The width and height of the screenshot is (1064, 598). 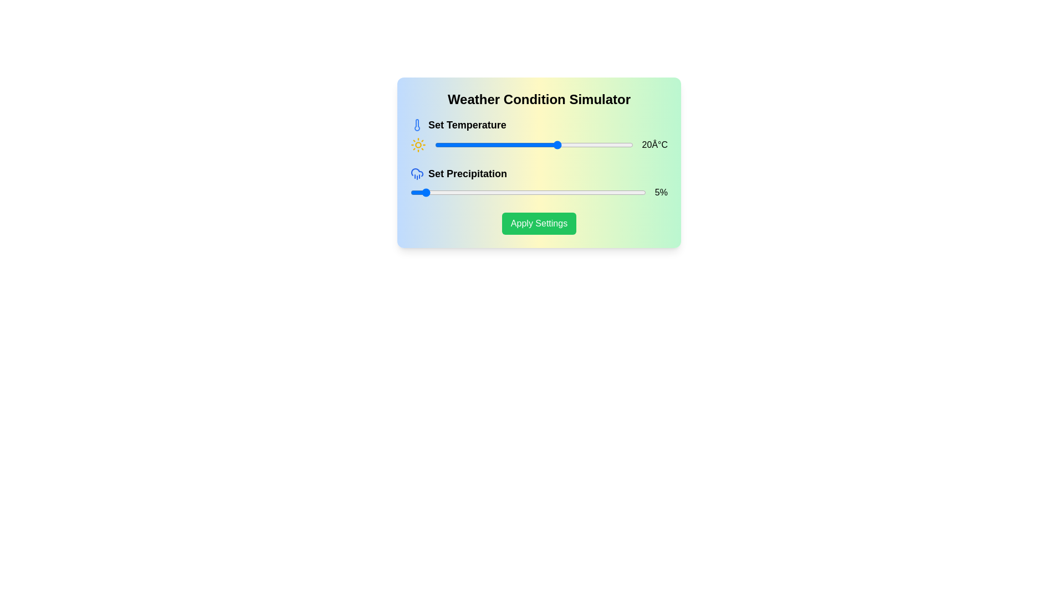 I want to click on the 'Apply Settings' button to confirm the chosen weather conditions, so click(x=539, y=224).